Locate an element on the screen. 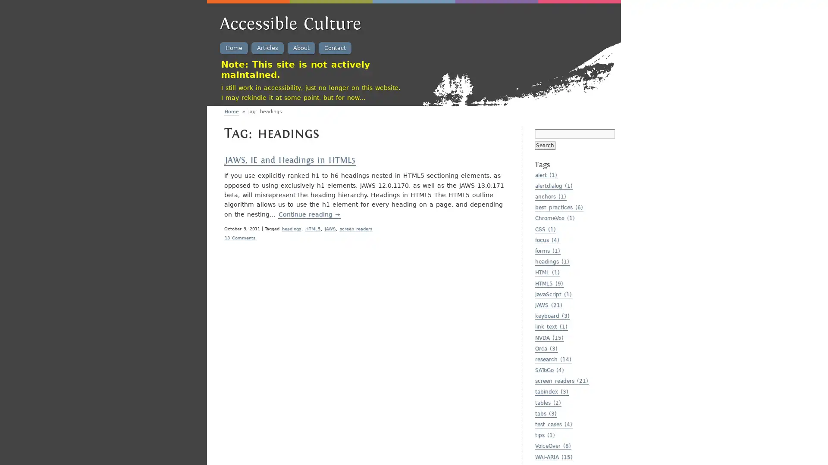 The width and height of the screenshot is (828, 465). Search is located at coordinates (544, 145).